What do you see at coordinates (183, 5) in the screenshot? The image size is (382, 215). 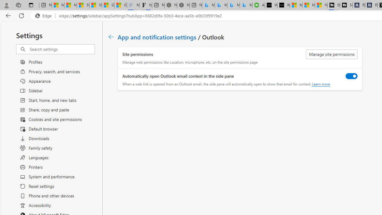 I see `'Nordace - #1 Japanese Best-Seller - Siena Smart Backpack'` at bounding box center [183, 5].